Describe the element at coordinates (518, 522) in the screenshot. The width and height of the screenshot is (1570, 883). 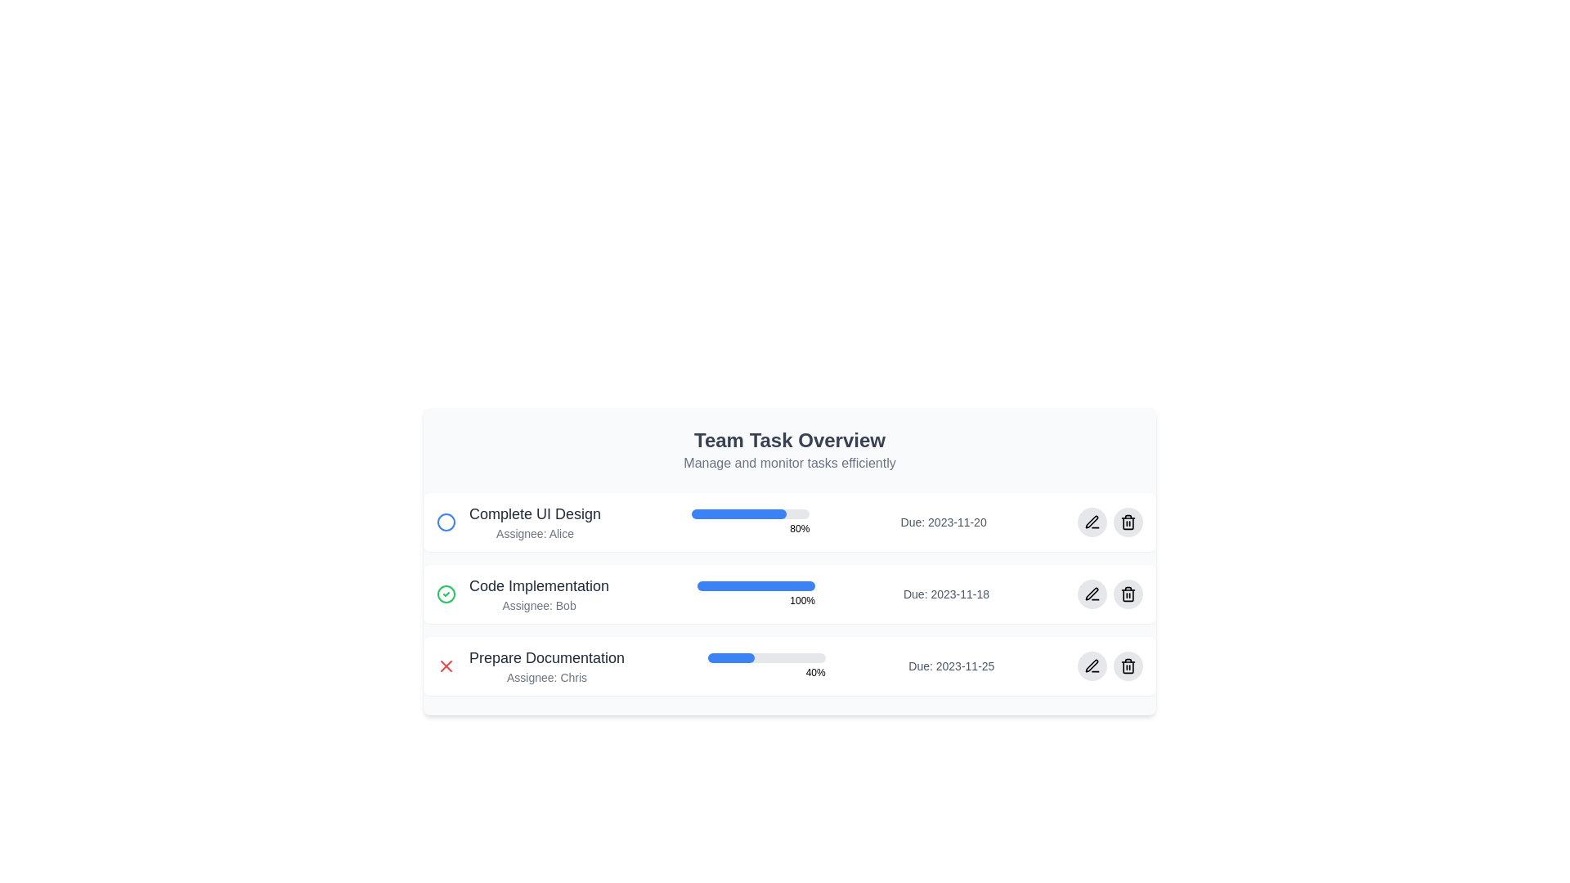
I see `the task item with the bold text 'Complete UI Design'` at that location.